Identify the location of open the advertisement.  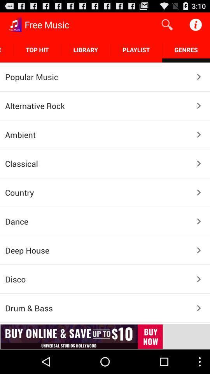
(105, 336).